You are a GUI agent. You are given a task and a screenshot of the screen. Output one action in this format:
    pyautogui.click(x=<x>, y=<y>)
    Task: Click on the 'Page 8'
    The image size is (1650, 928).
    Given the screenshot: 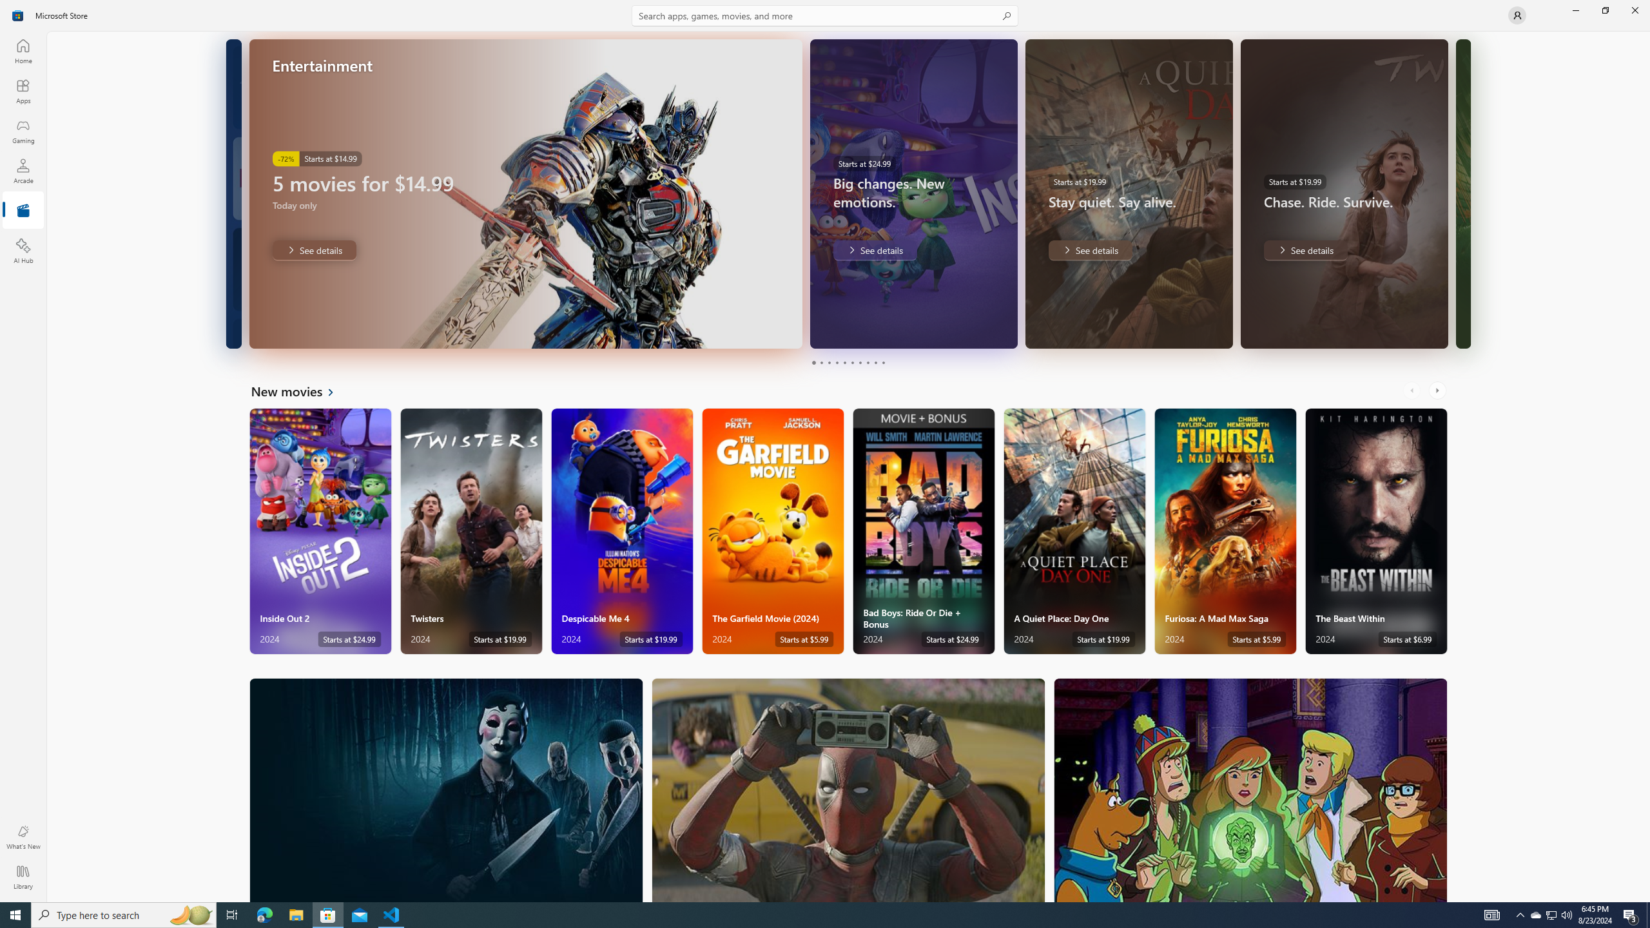 What is the action you would take?
    pyautogui.click(x=867, y=362)
    